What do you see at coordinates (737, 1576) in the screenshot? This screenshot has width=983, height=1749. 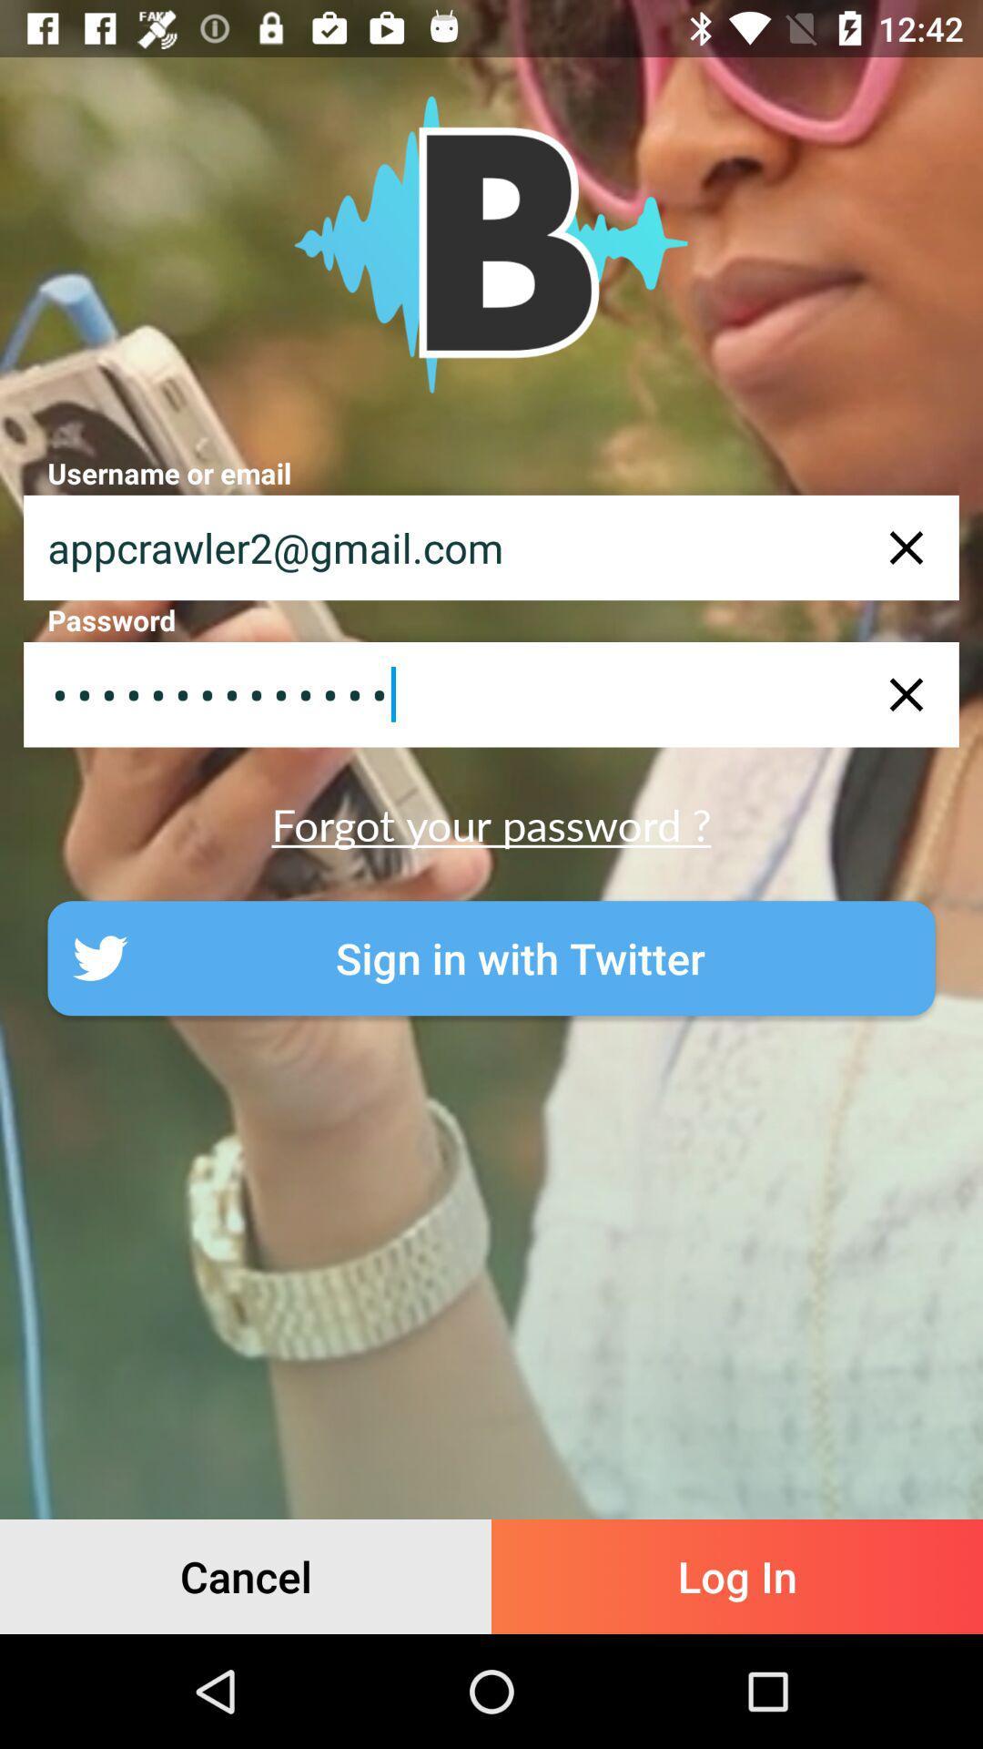 I see `the icon to the right of the cancel icon` at bounding box center [737, 1576].